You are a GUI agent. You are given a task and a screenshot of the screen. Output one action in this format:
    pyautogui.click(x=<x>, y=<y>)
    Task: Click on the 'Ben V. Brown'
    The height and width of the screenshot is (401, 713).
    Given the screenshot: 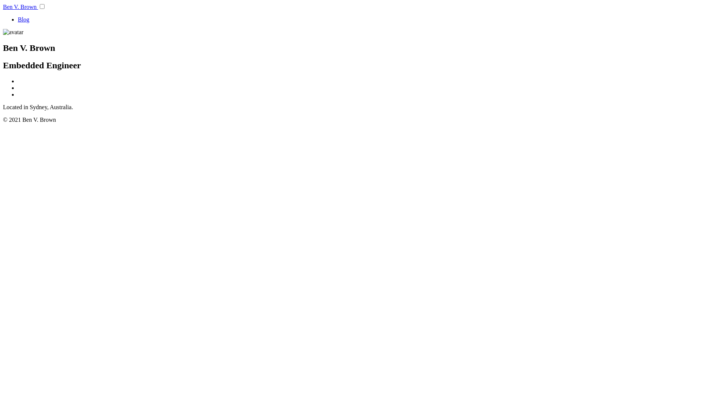 What is the action you would take?
    pyautogui.click(x=20, y=7)
    